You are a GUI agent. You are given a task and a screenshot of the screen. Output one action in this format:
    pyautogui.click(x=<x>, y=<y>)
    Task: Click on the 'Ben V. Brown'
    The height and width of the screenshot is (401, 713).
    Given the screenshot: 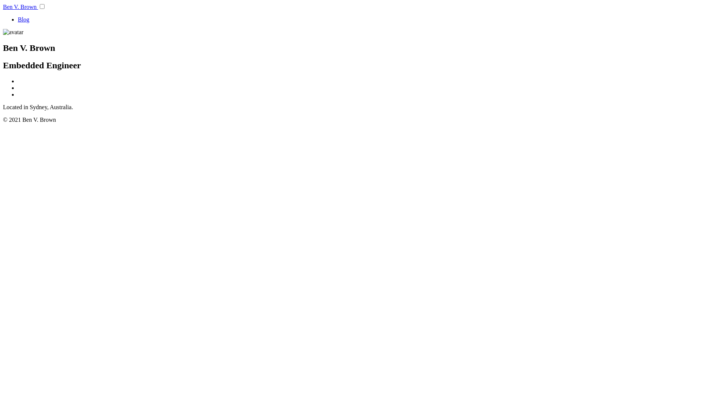 What is the action you would take?
    pyautogui.click(x=20, y=7)
    